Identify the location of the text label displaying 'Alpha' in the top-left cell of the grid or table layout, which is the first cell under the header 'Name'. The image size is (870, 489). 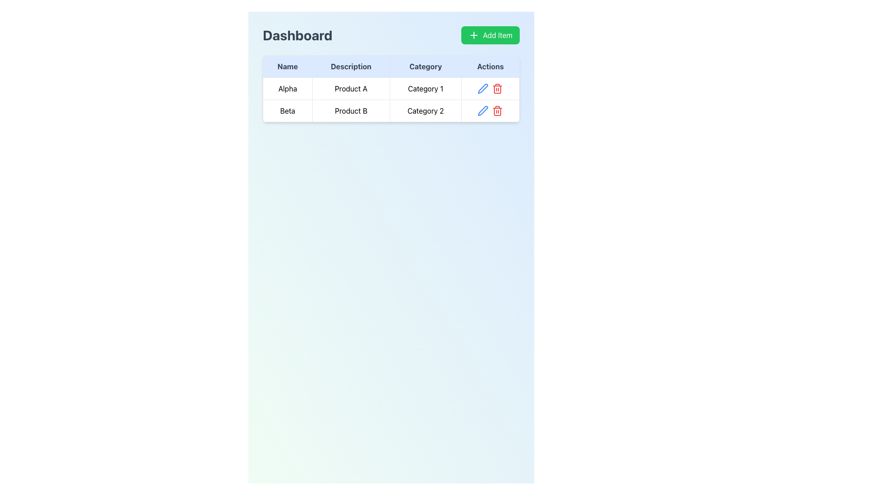
(287, 89).